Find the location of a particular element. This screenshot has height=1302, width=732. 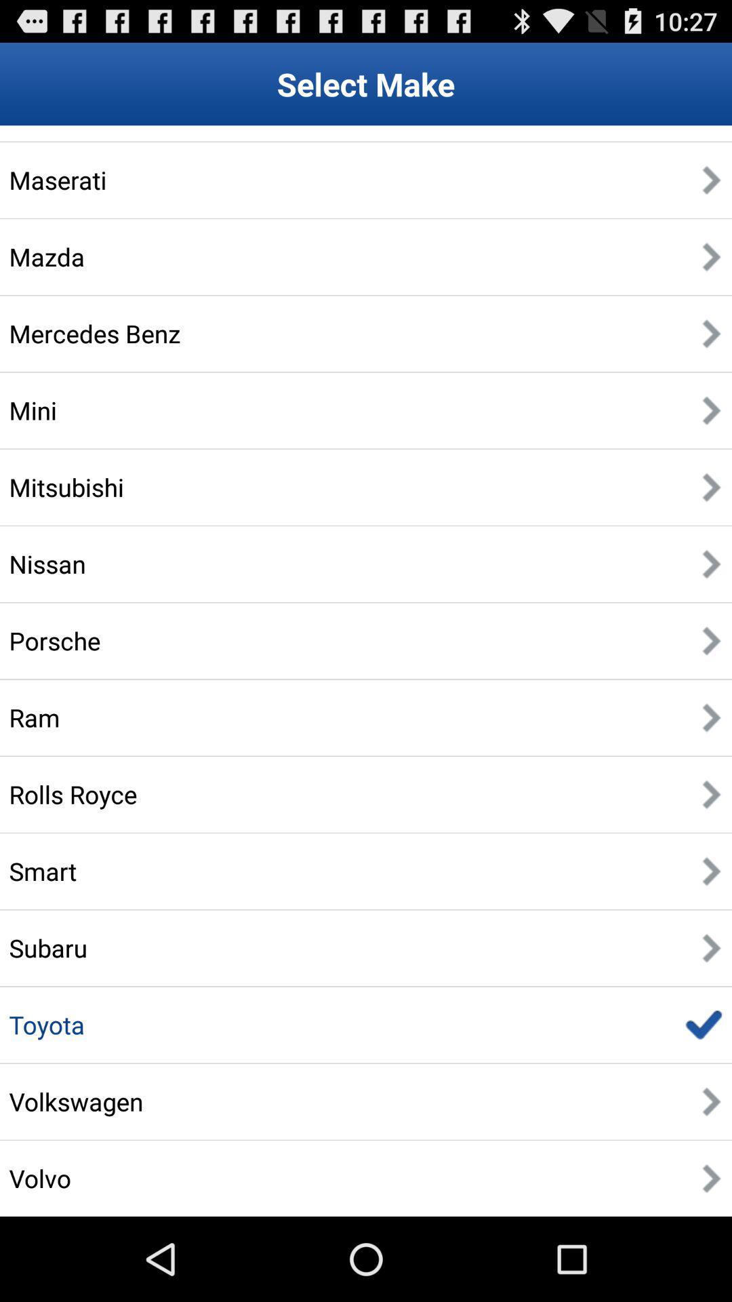

app below ram is located at coordinates (73, 794).